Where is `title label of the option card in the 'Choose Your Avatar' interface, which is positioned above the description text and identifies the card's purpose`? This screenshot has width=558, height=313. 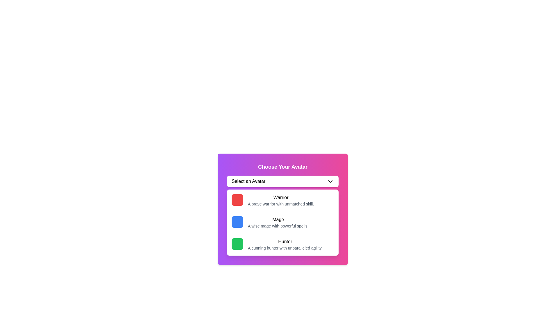
title label of the option card in the 'Choose Your Avatar' interface, which is positioned above the description text and identifies the card's purpose is located at coordinates (281, 197).